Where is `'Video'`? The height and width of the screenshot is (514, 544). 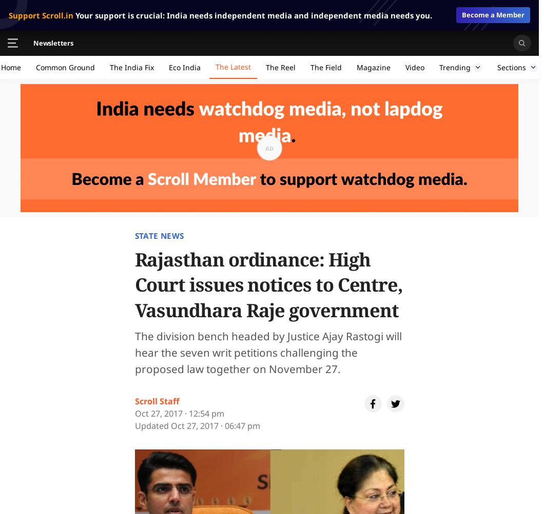
'Video' is located at coordinates (415, 67).